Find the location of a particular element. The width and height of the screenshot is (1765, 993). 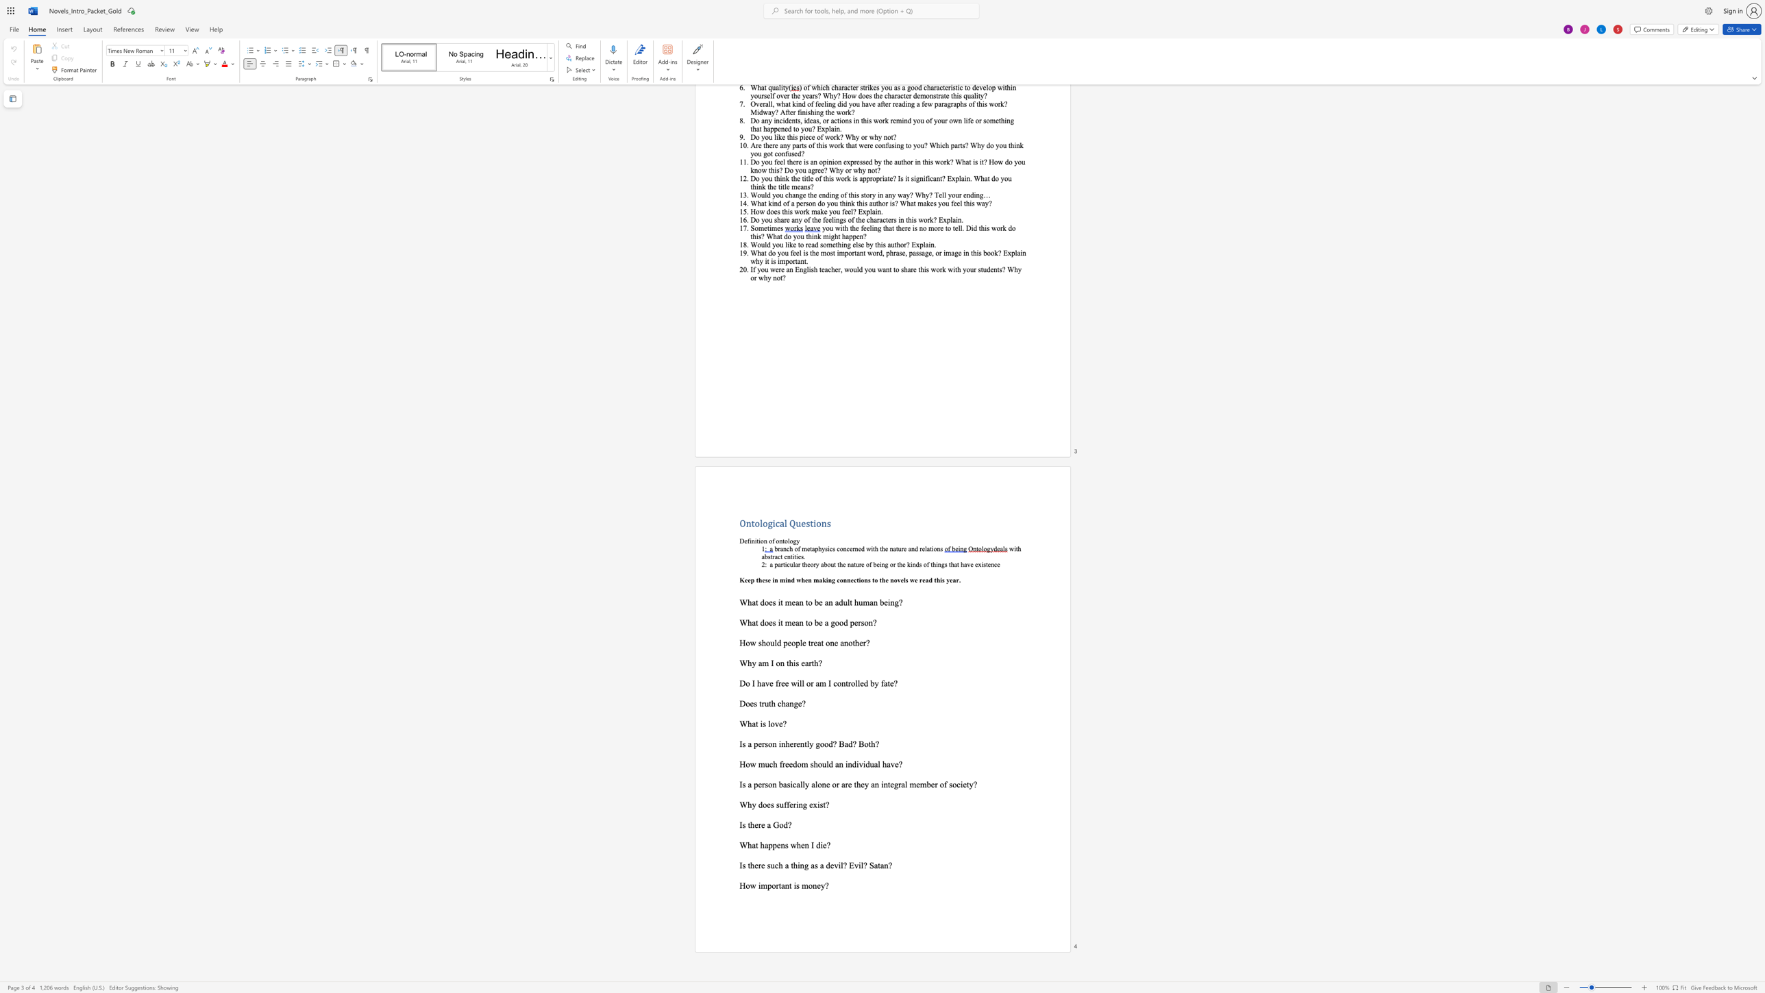

the 1th character "d" in the text is located at coordinates (762, 622).